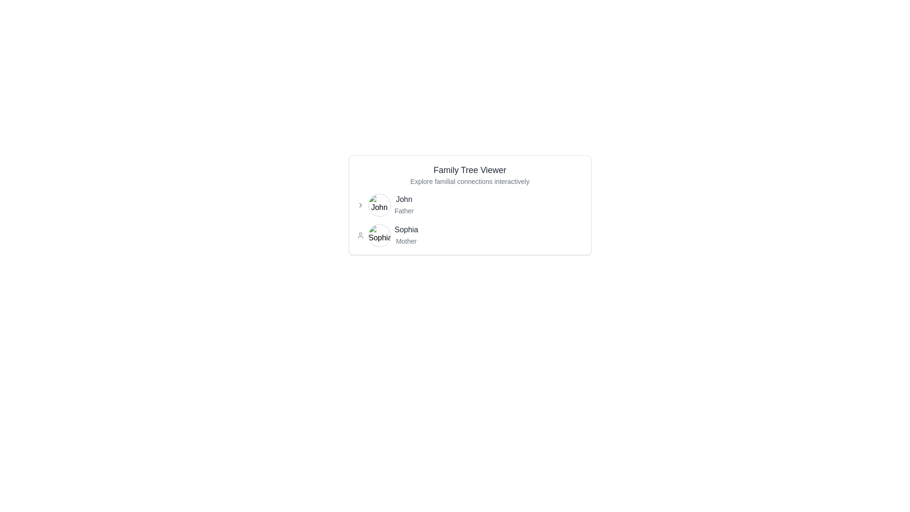  I want to click on the circular profile picture image of 'John' with a thin gray border, located to the left of the text 'JohnFather', so click(379, 204).